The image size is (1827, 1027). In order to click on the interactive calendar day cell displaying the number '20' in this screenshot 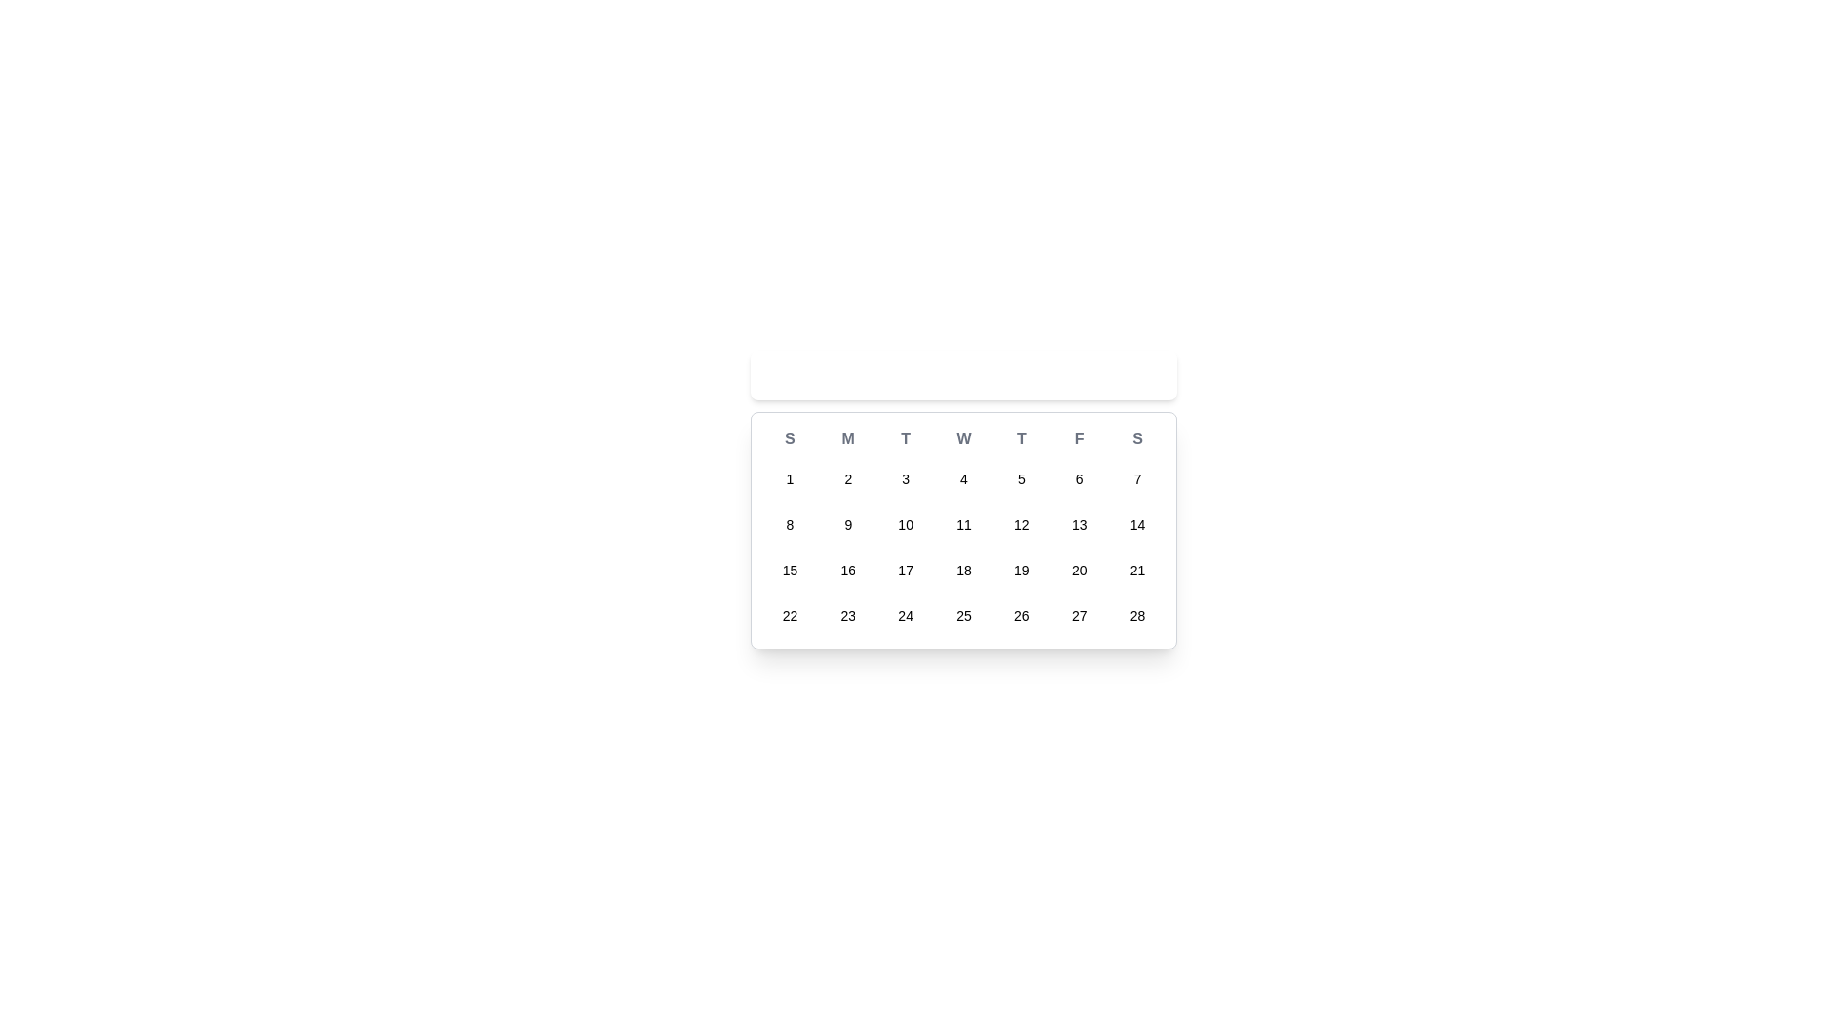, I will do `click(1079, 570)`.